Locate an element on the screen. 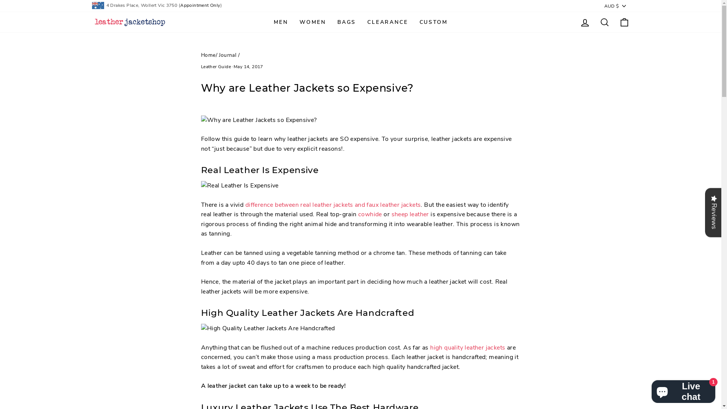 The width and height of the screenshot is (727, 409). 'LOG IN' is located at coordinates (574, 22).